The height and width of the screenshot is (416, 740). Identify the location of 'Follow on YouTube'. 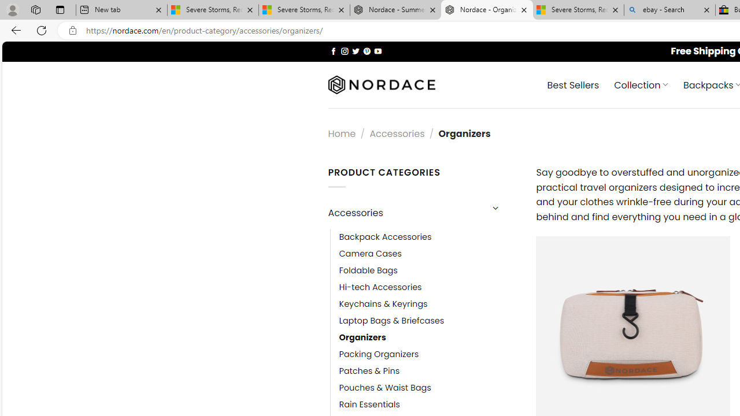
(378, 50).